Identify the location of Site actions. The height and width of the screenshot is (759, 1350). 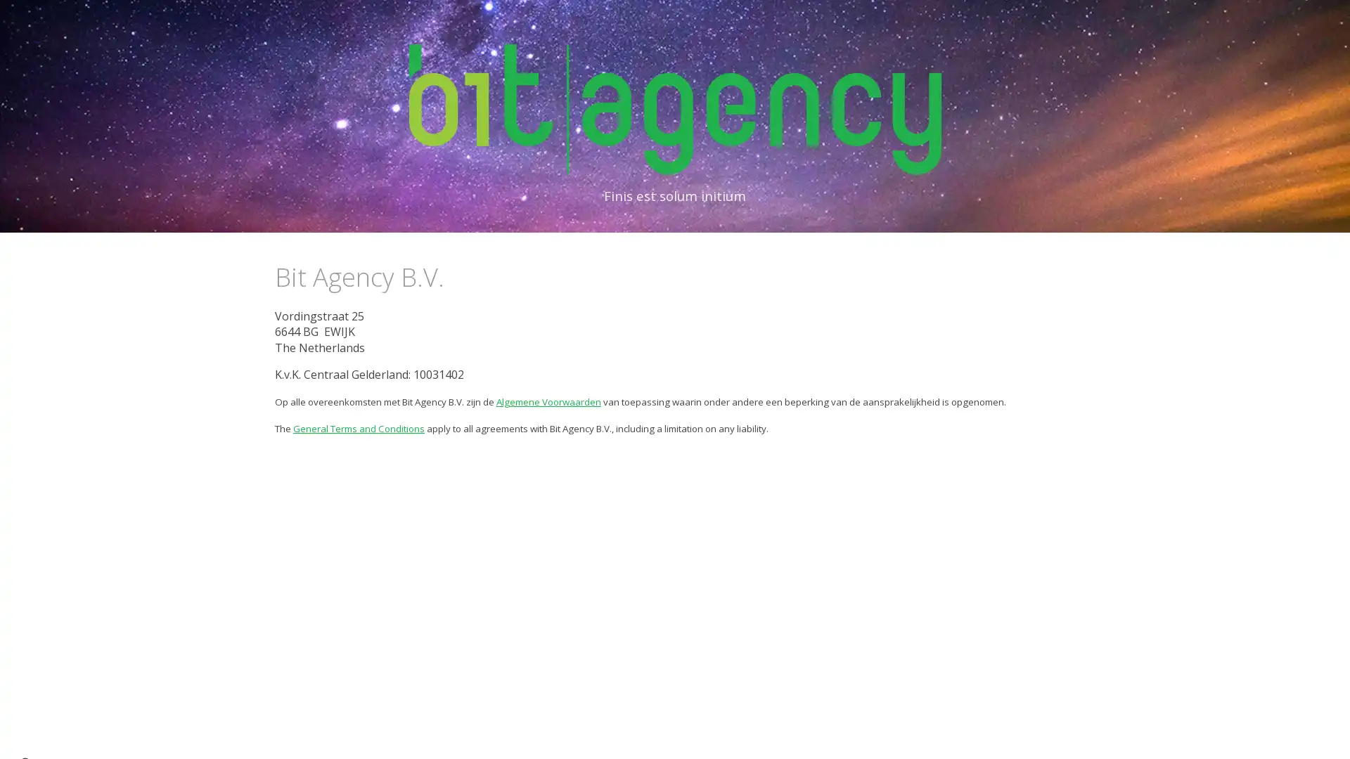
(25, 734).